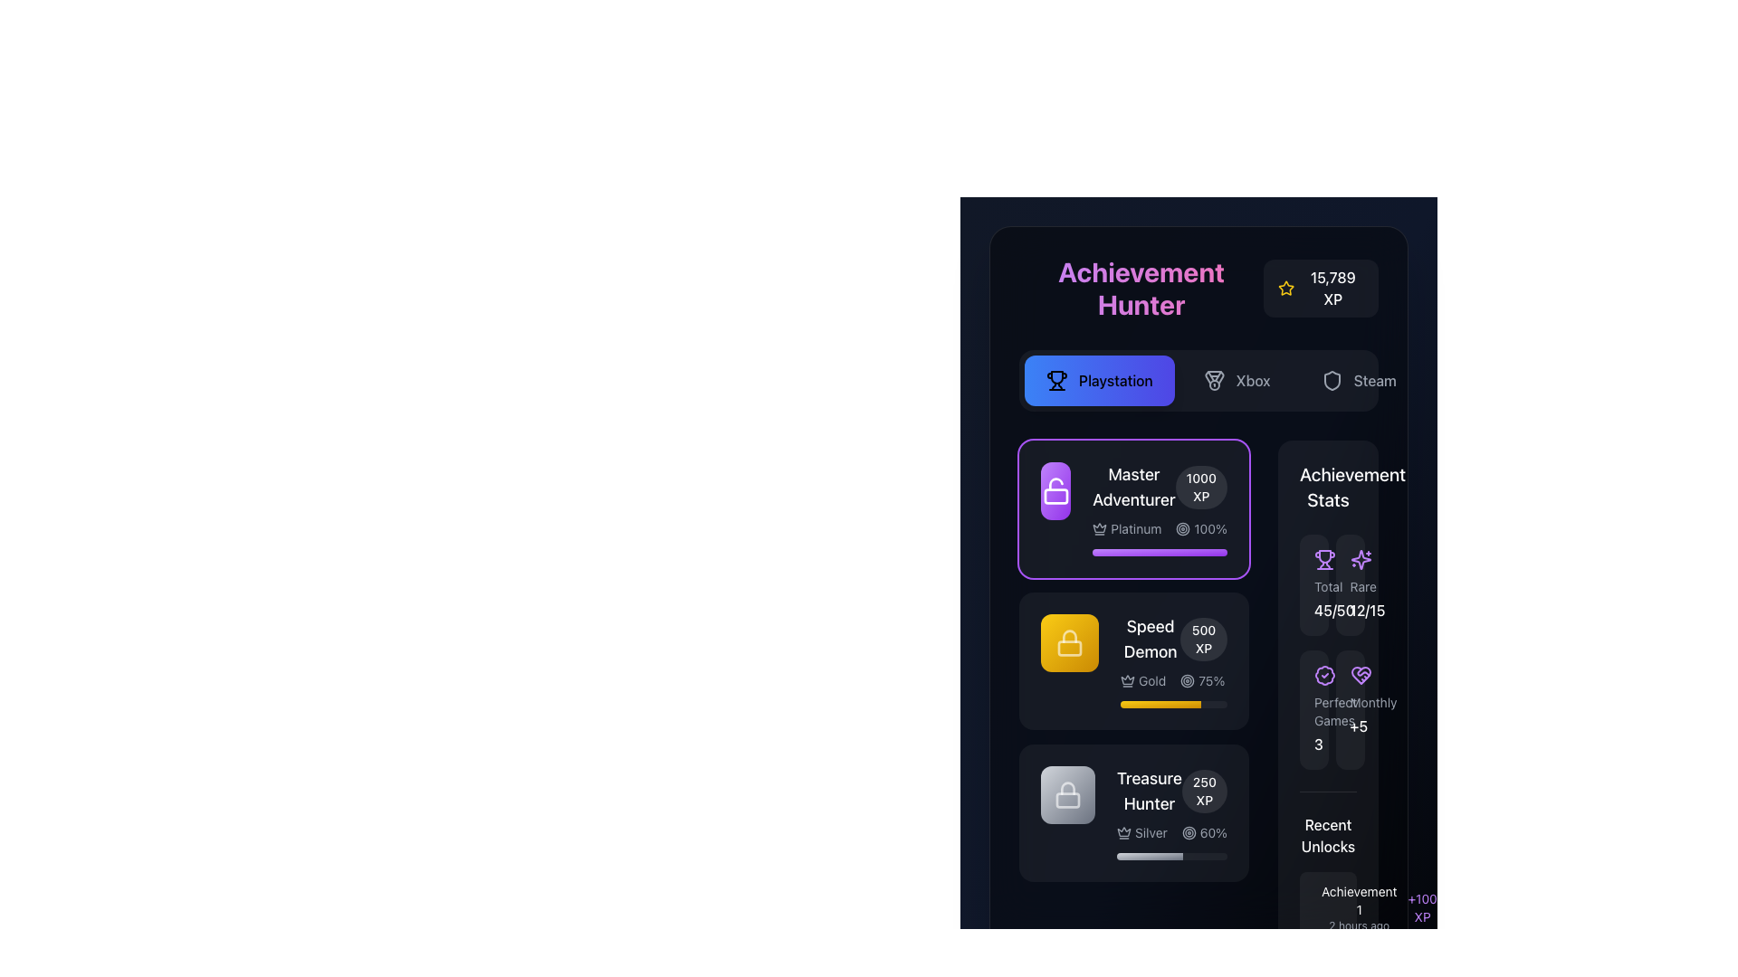 This screenshot has width=1738, height=977. What do you see at coordinates (1204, 833) in the screenshot?
I see `the target icon with the text '60%' in light gray color, located in the bottom-right corner of the 'Treasure Hunter' achievement section, adjacent to the text 'Silver'` at bounding box center [1204, 833].